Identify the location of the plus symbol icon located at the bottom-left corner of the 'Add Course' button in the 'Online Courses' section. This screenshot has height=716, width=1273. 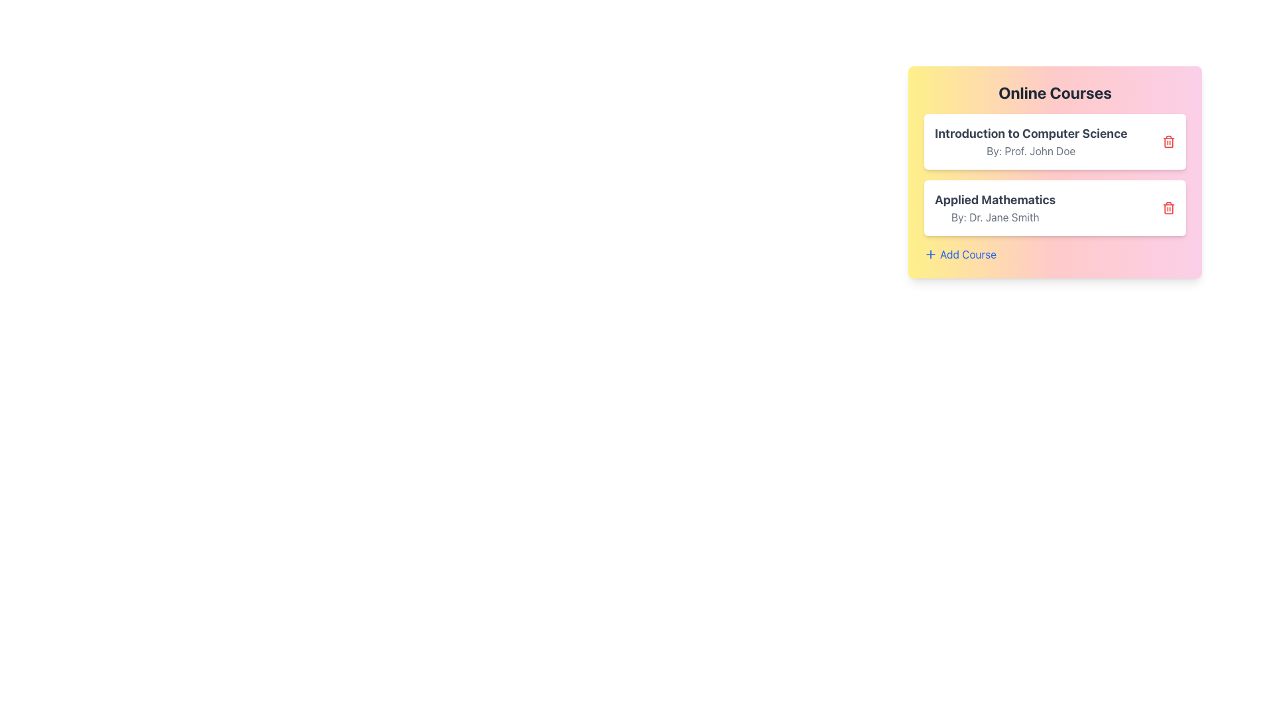
(930, 255).